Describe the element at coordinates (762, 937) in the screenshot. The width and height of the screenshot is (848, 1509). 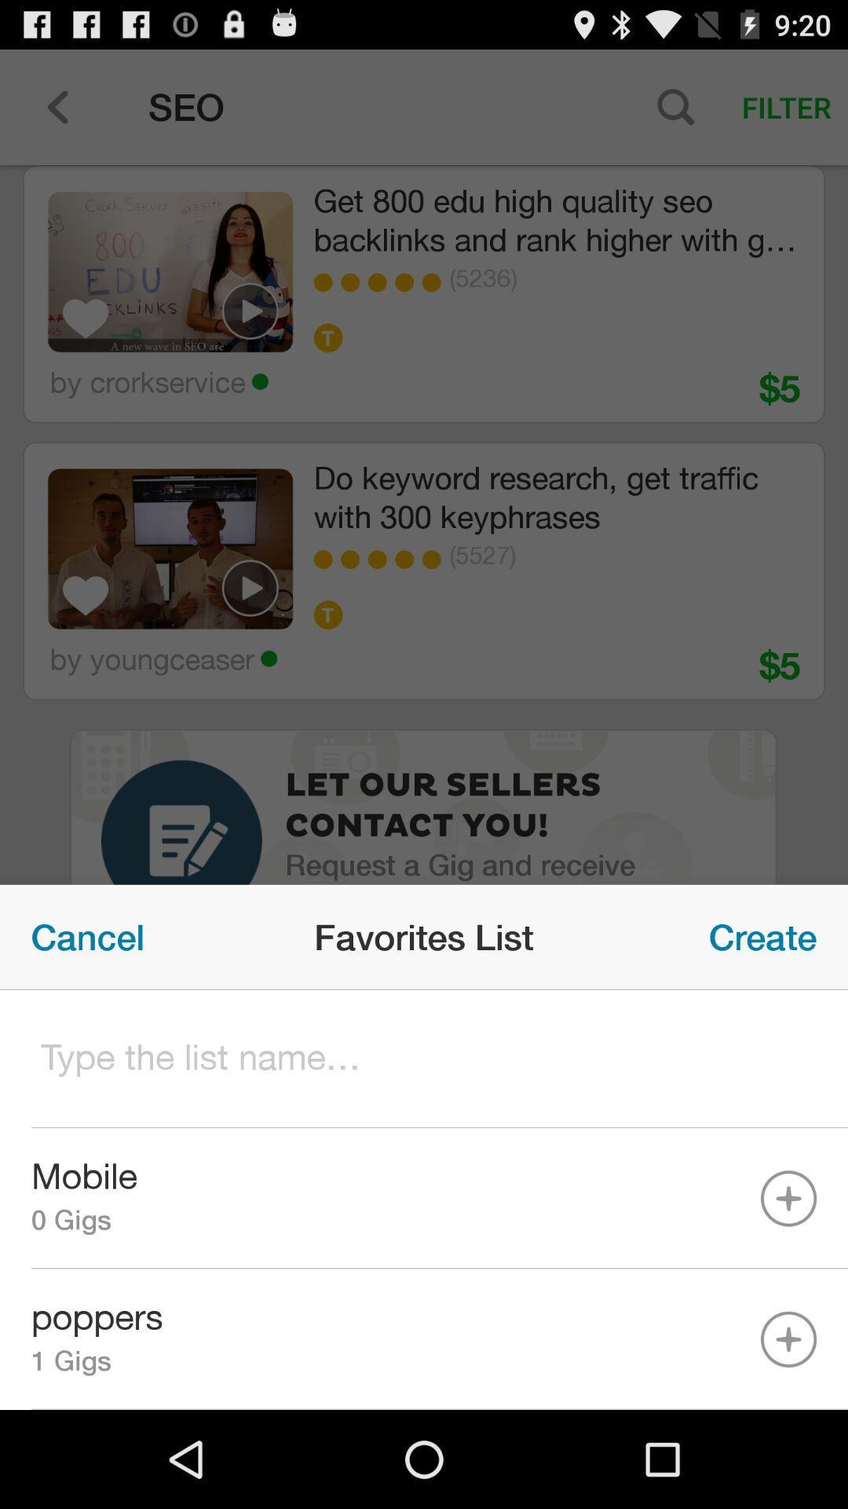
I see `create icon` at that location.